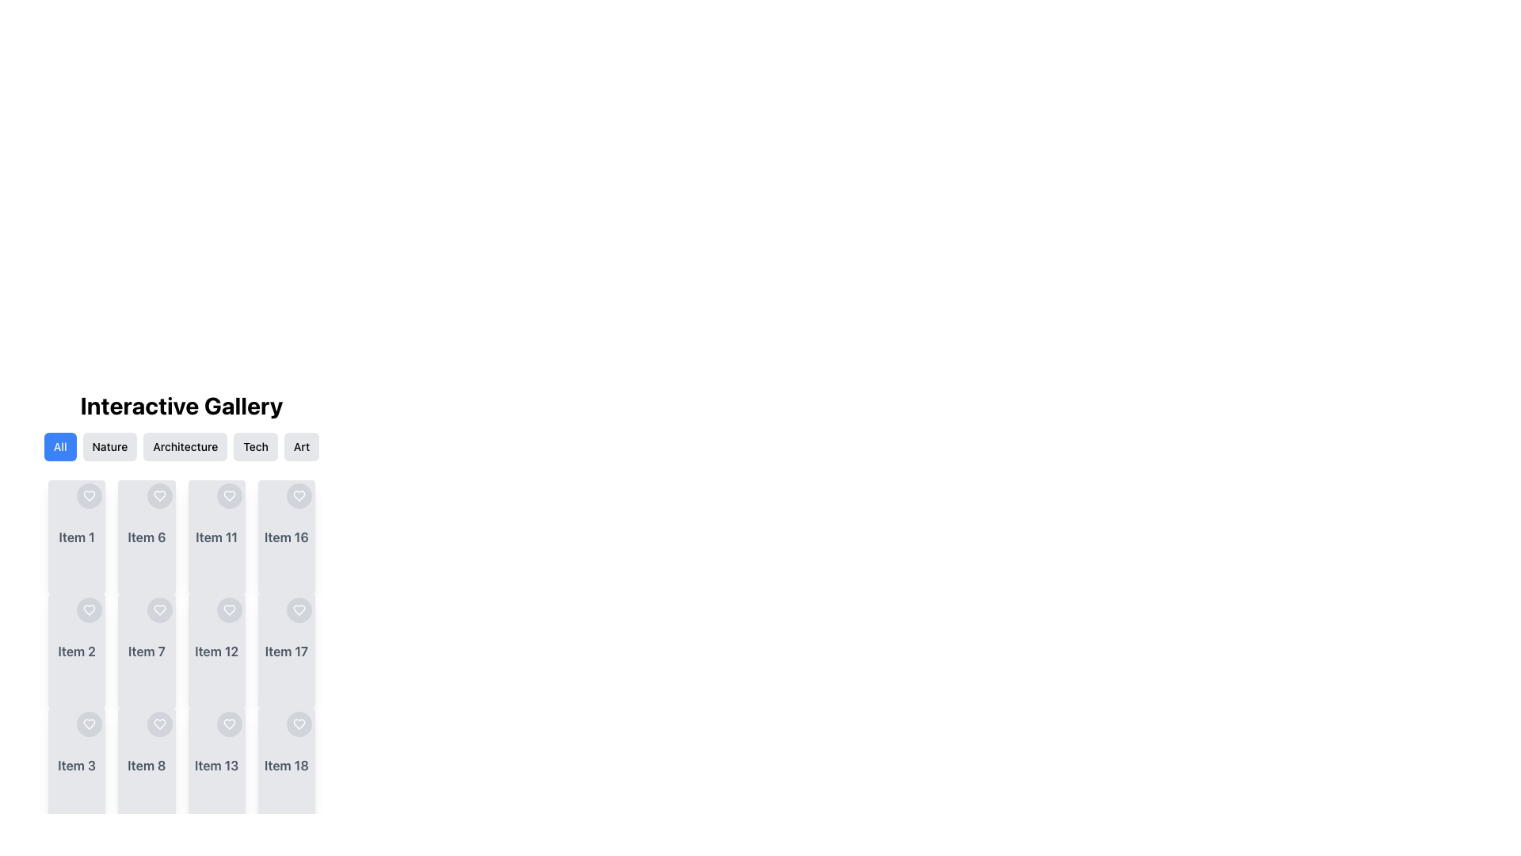 This screenshot has height=856, width=1521. I want to click on the Card element, which is the third item in the first column of a four-column grid layout, displaying information or representing an item, so click(76, 764).